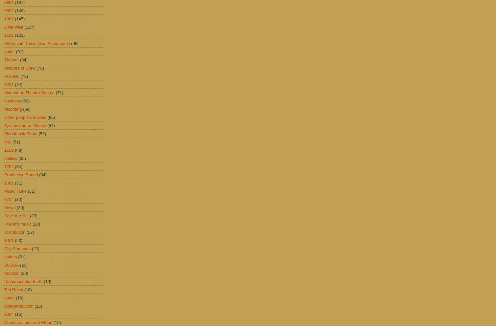  I want to click on '(91)', so click(19, 51).